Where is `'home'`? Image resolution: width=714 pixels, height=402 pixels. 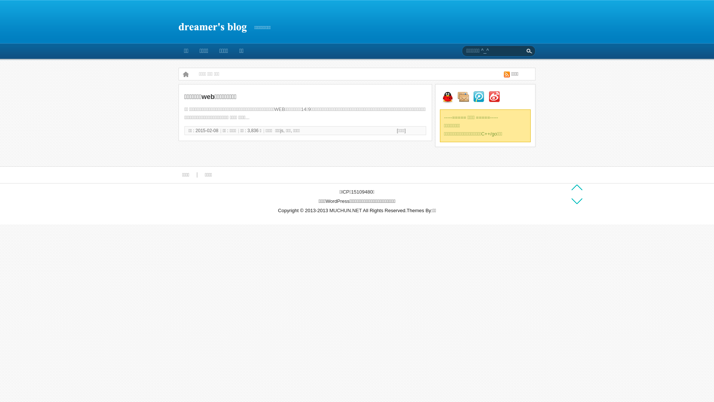 'home' is located at coordinates (186, 74).